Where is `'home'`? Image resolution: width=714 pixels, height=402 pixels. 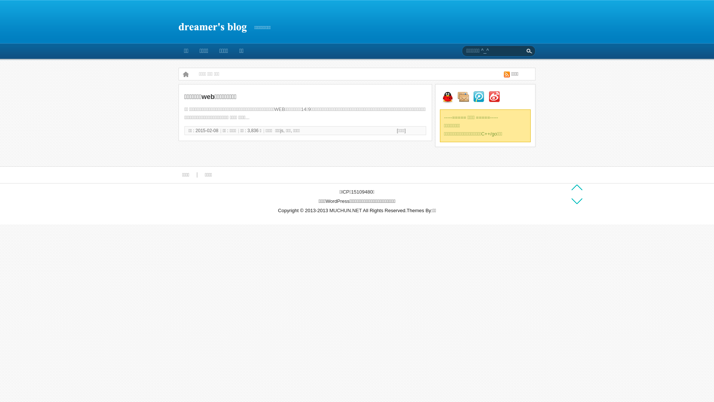 'home' is located at coordinates (186, 74).